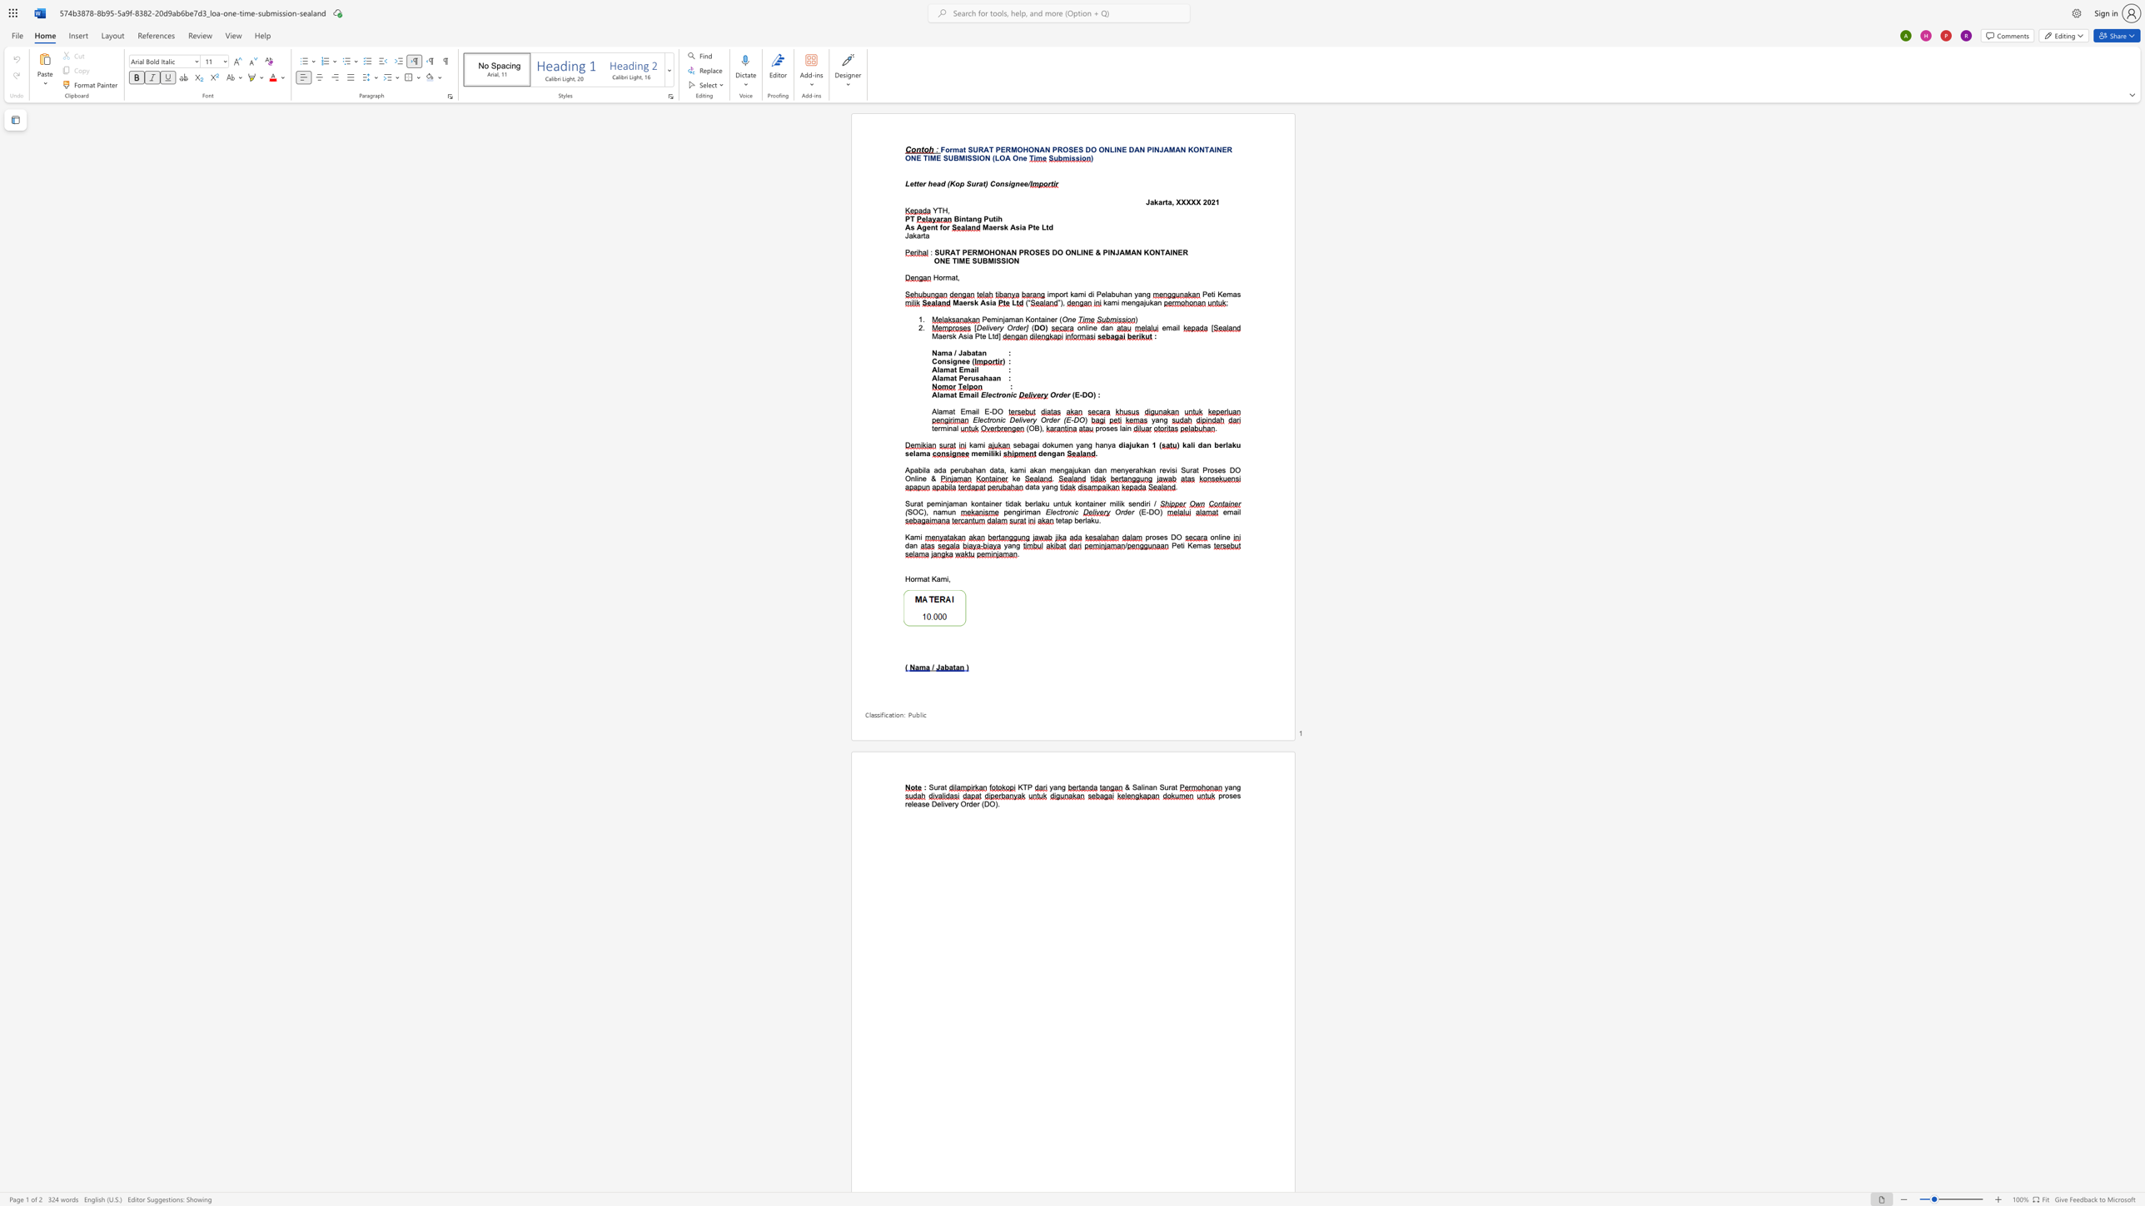 This screenshot has width=2145, height=1206. Describe the element at coordinates (1015, 318) in the screenshot. I see `the subset text "an Kon" within the text "Peminjaman Kontainer"` at that location.